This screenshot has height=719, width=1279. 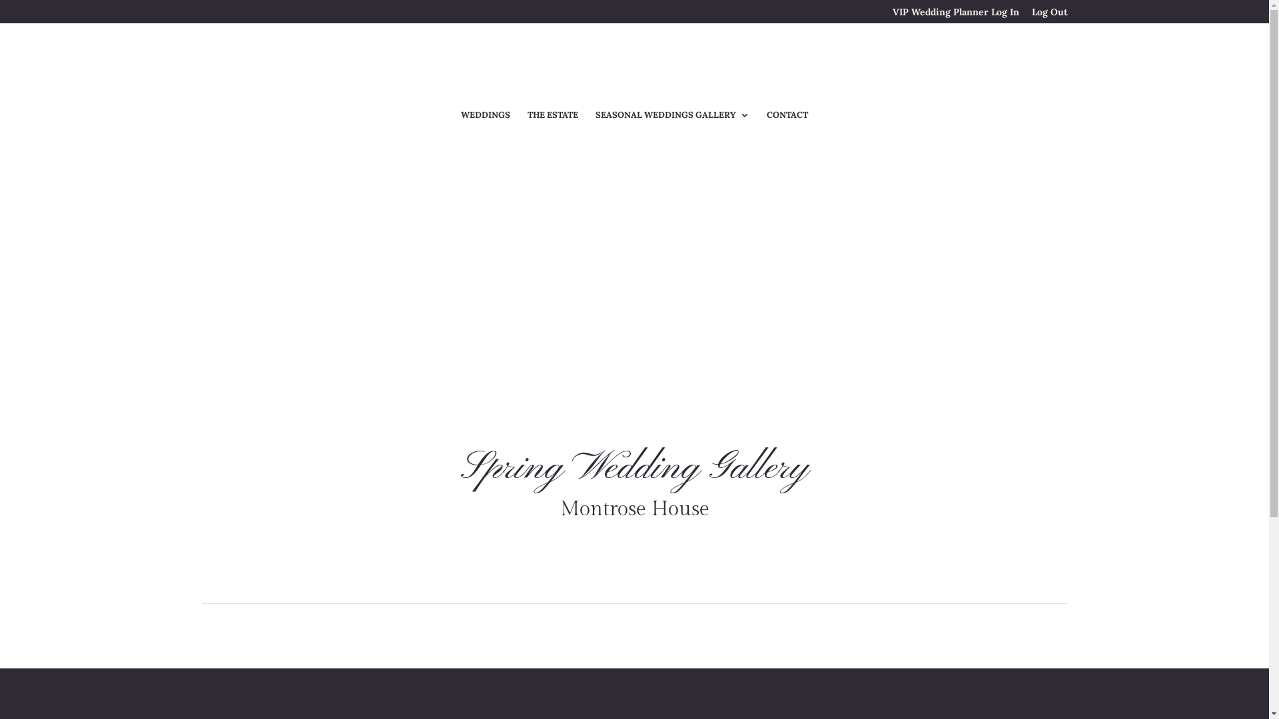 I want to click on 'CONTACT', so click(x=787, y=122).